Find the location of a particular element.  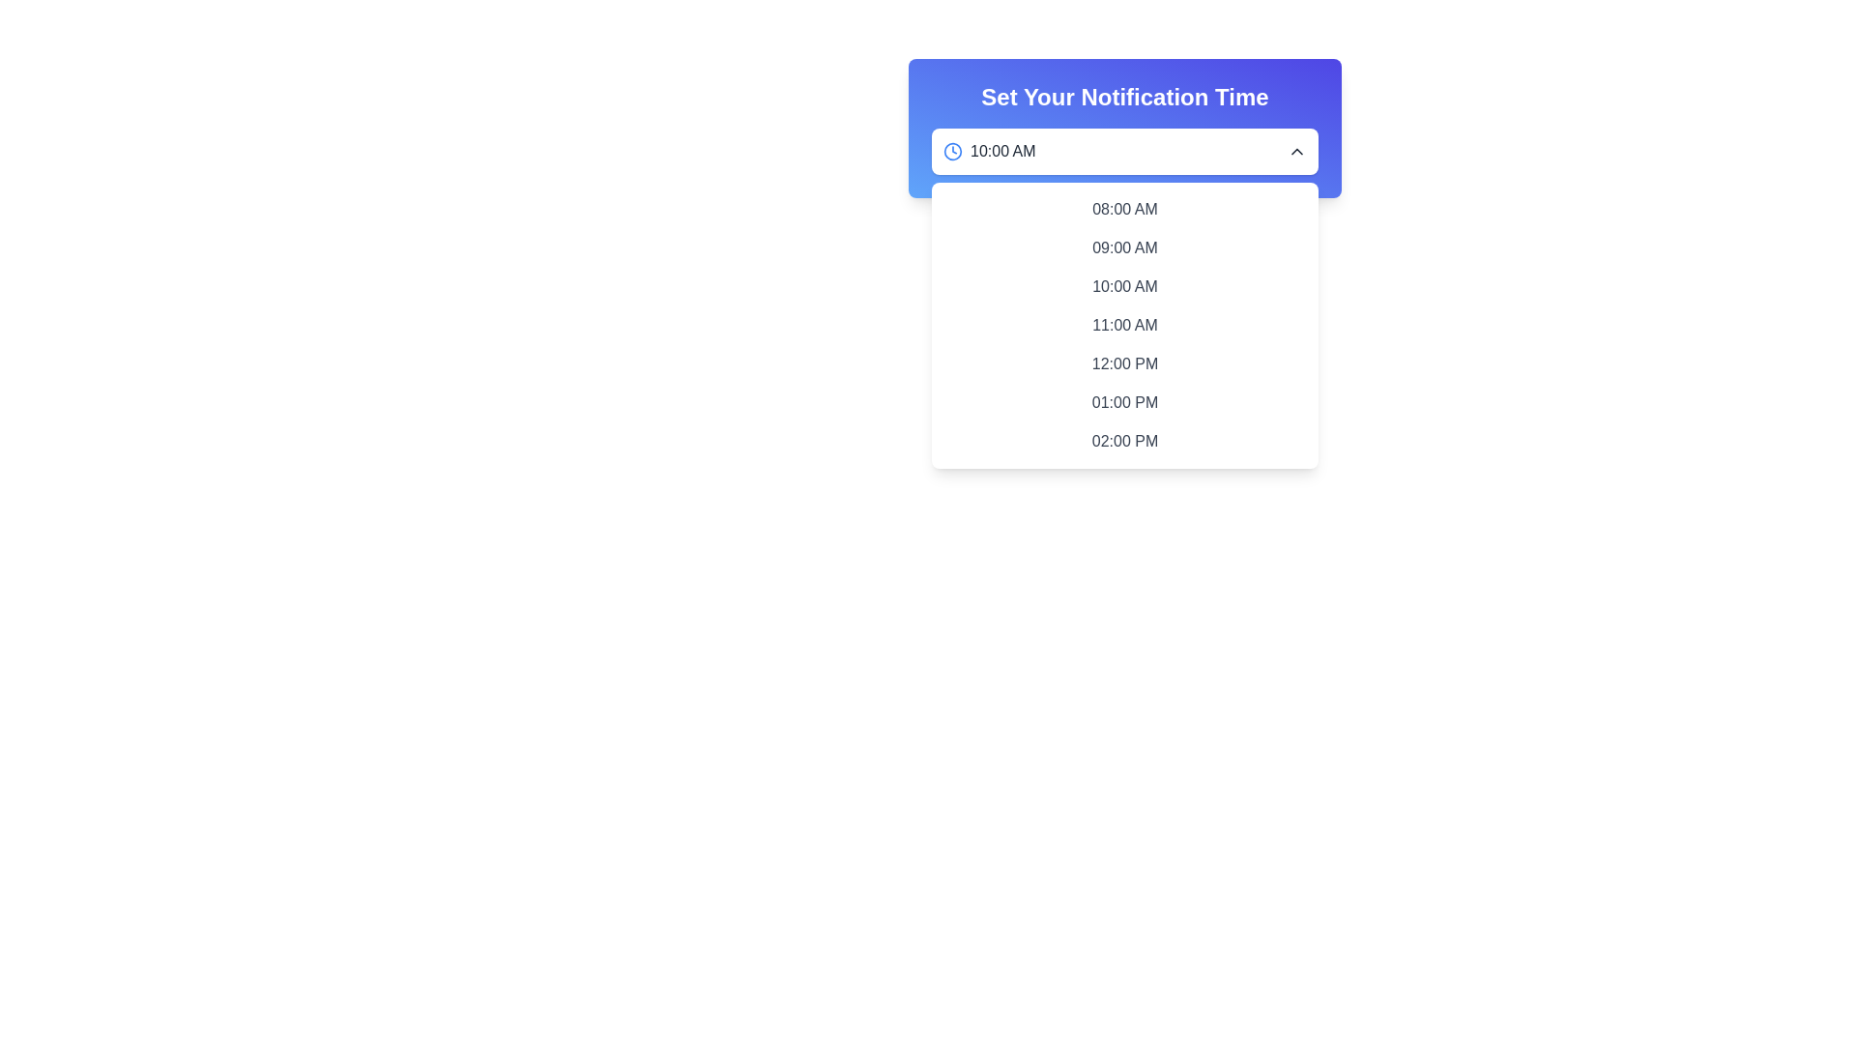

the selectable list item displaying '11:00 AM' is located at coordinates (1124, 324).